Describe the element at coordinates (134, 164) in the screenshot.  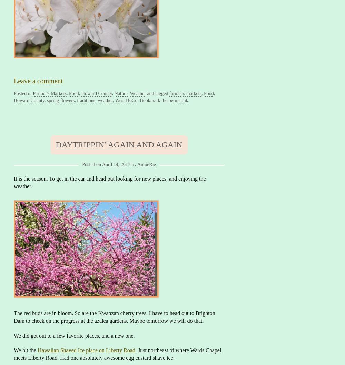
I see `'by'` at that location.